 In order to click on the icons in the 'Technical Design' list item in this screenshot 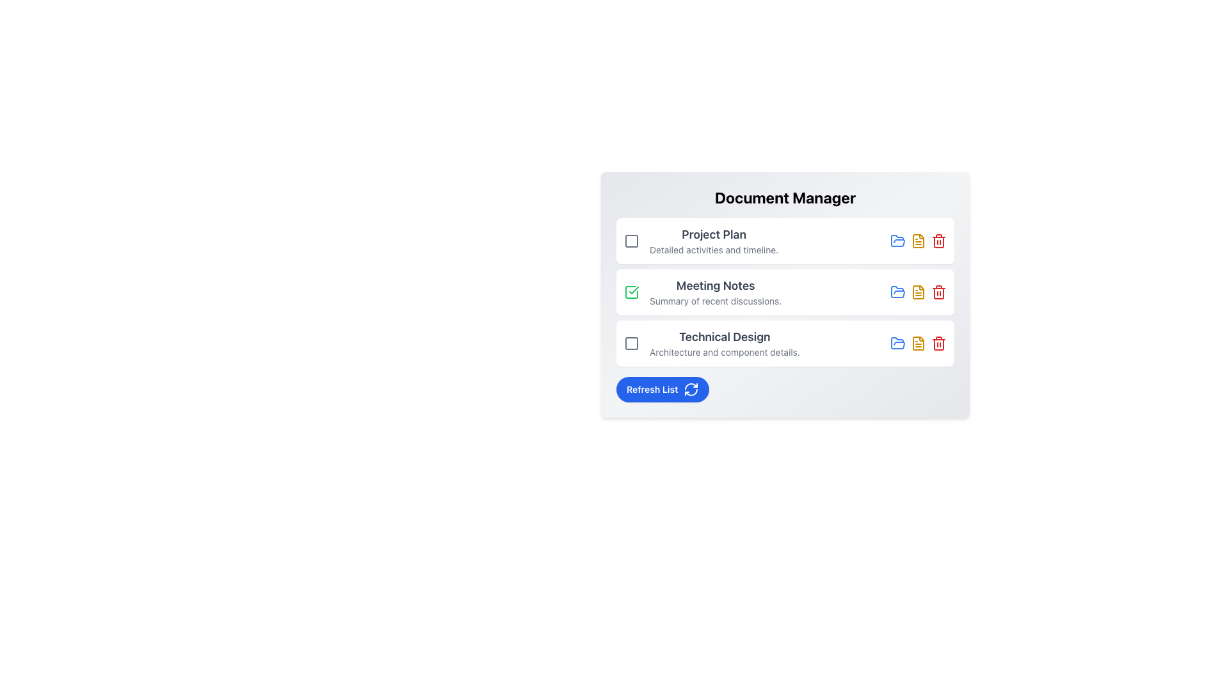, I will do `click(785, 342)`.